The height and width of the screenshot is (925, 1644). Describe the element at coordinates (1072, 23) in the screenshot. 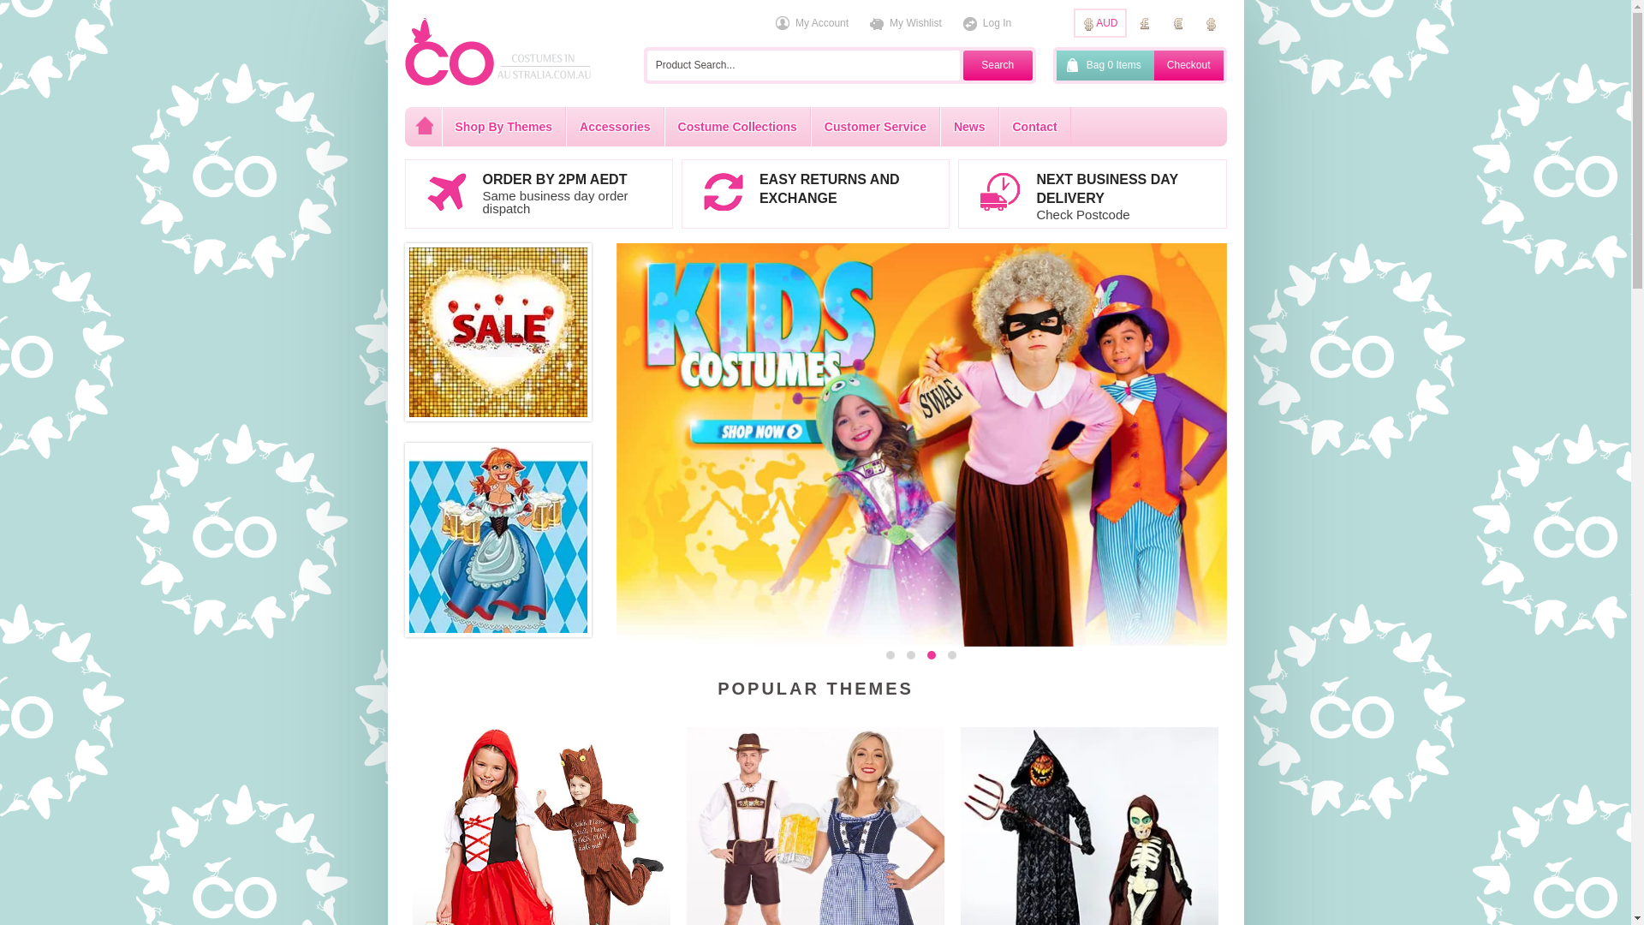

I see `'AUD'` at that location.